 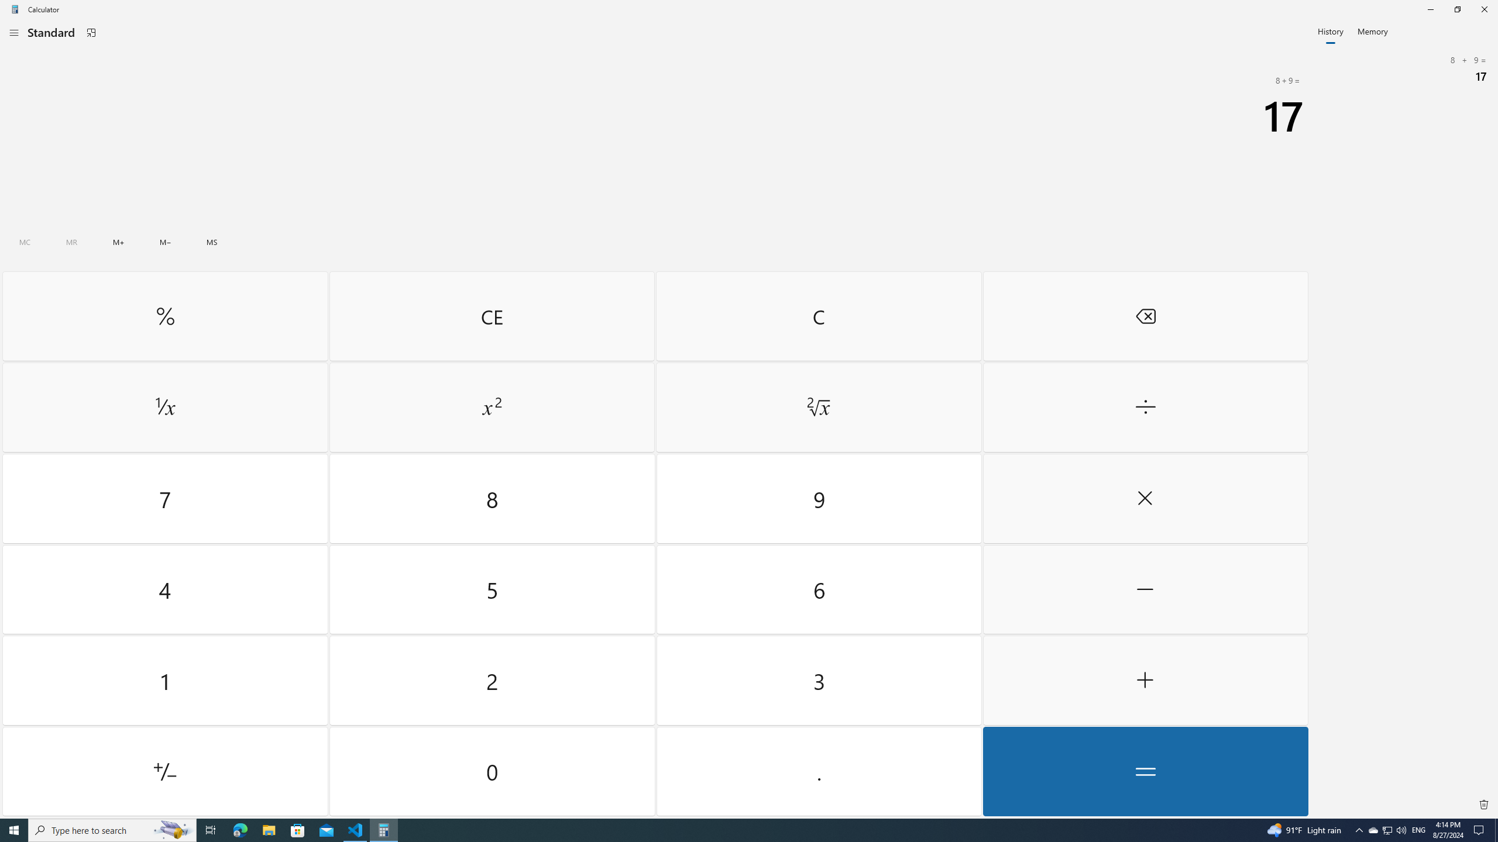 What do you see at coordinates (239, 829) in the screenshot?
I see `'Microsoft Edge'` at bounding box center [239, 829].